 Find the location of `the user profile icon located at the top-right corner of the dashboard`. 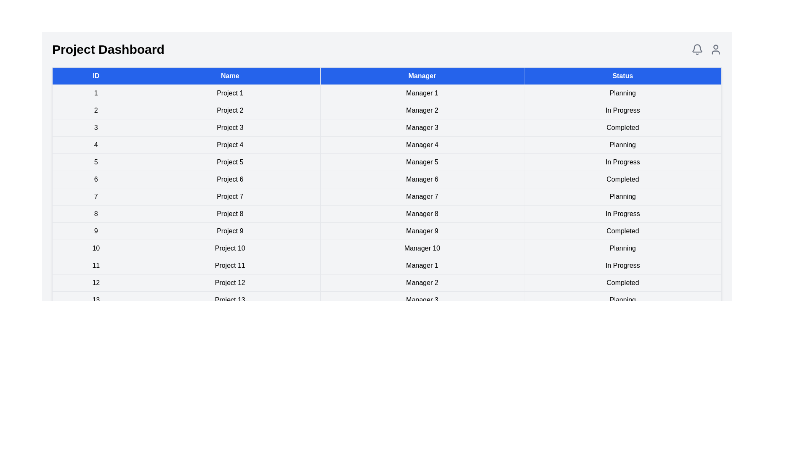

the user profile icon located at the top-right corner of the dashboard is located at coordinates (715, 50).